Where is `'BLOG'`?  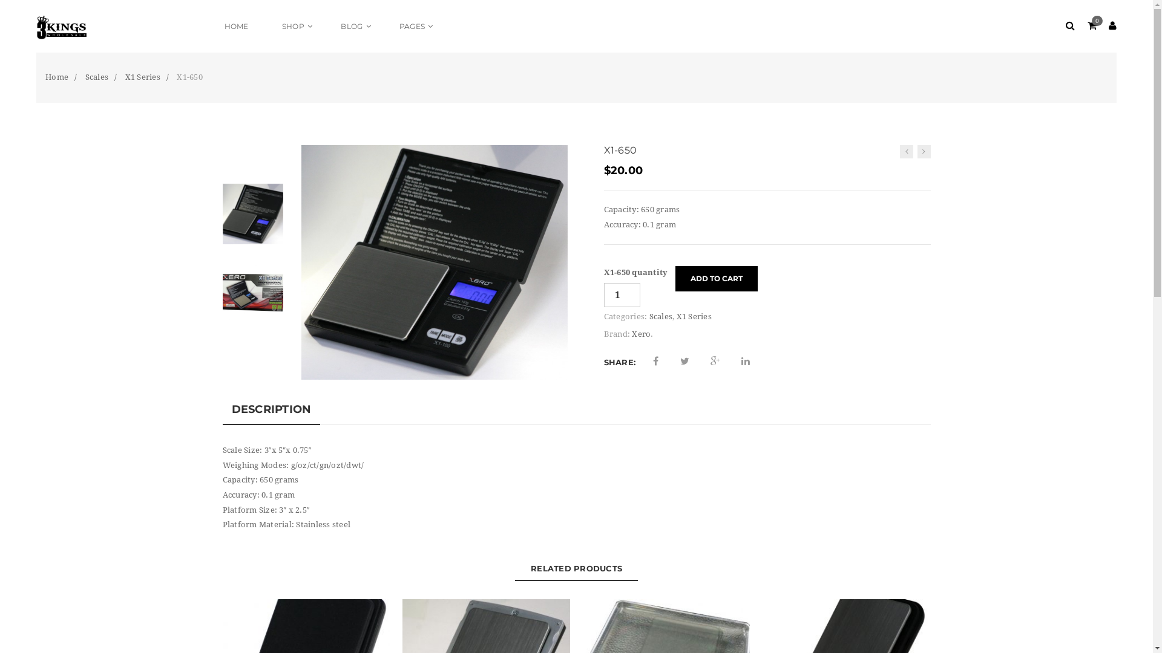 'BLOG' is located at coordinates (352, 26).